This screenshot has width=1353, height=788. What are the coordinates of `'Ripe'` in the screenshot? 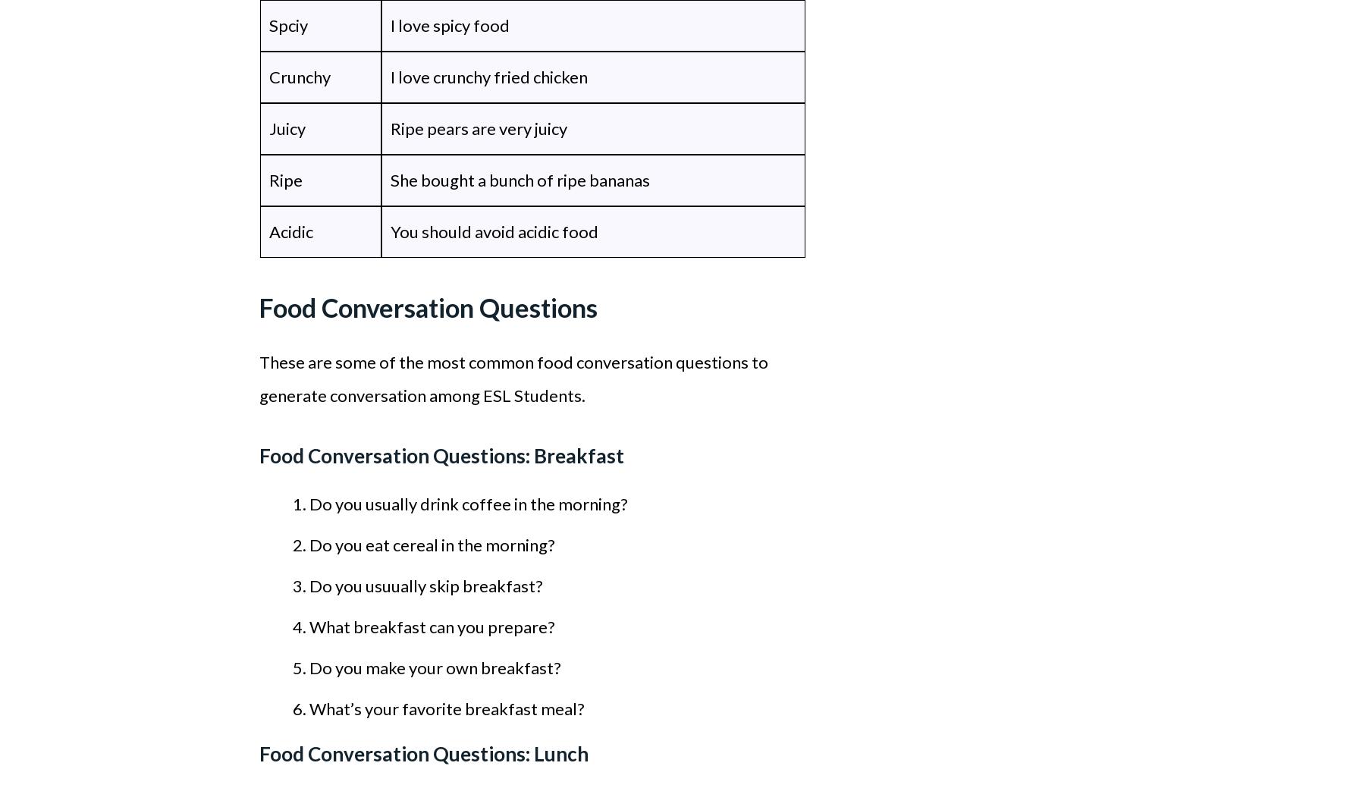 It's located at (284, 180).